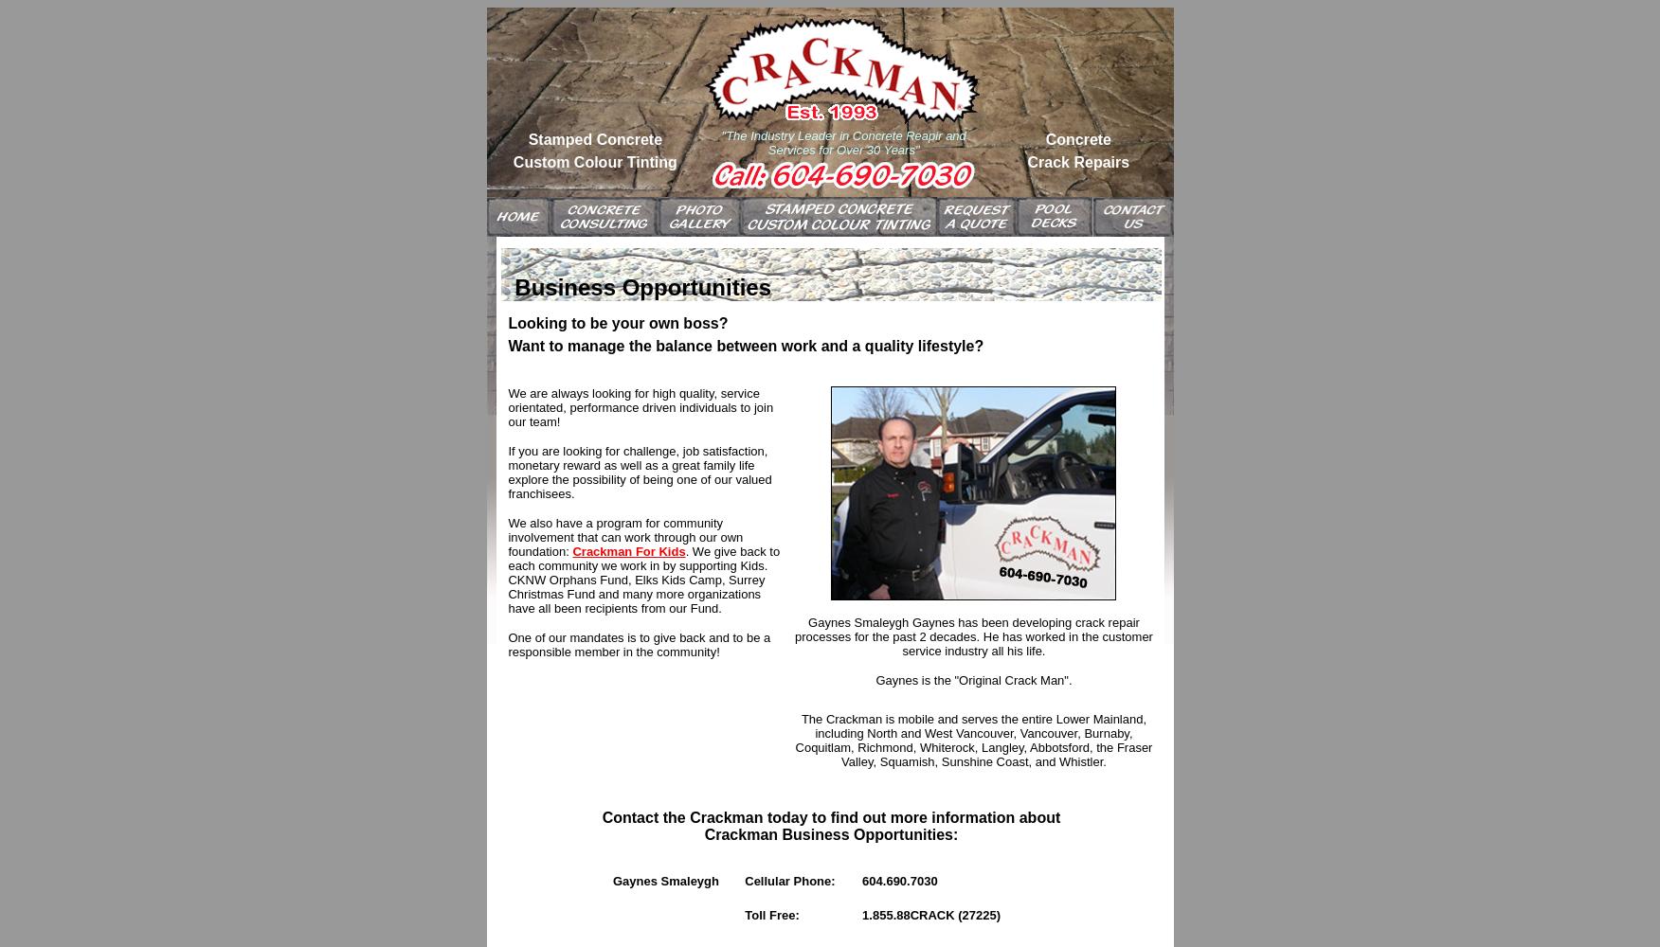 The width and height of the screenshot is (1660, 947). Describe the element at coordinates (639, 407) in the screenshot. I see `'We 
                      are always looking for high quality, service orientated, 
                      performance driven individuals to join our team!'` at that location.